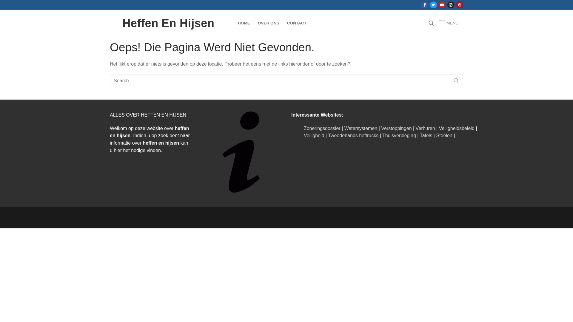  Describe the element at coordinates (399, 135) in the screenshot. I see `'Thuisverpleging'` at that location.